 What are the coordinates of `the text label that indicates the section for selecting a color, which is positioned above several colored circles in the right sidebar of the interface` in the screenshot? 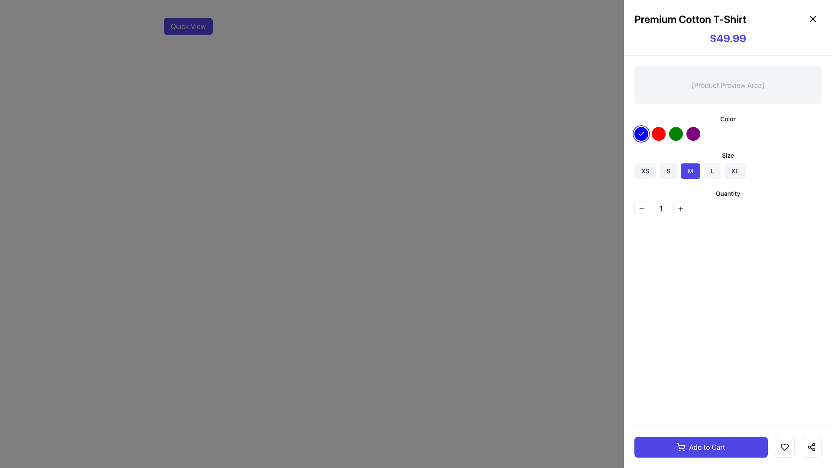 It's located at (728, 119).